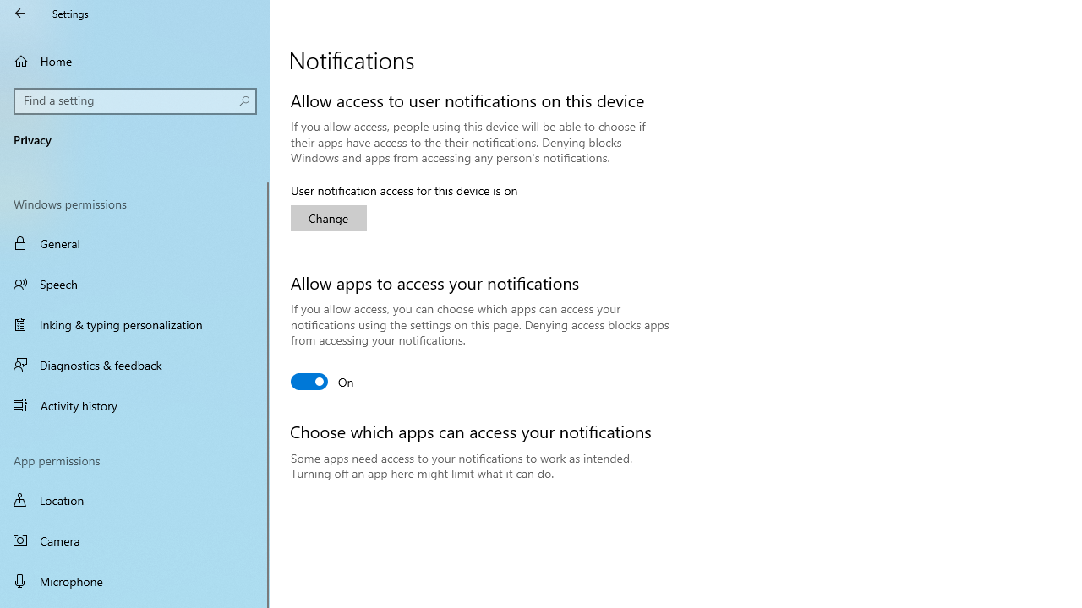 The image size is (1082, 608). Describe the element at coordinates (135, 579) in the screenshot. I see `'Microphone'` at that location.